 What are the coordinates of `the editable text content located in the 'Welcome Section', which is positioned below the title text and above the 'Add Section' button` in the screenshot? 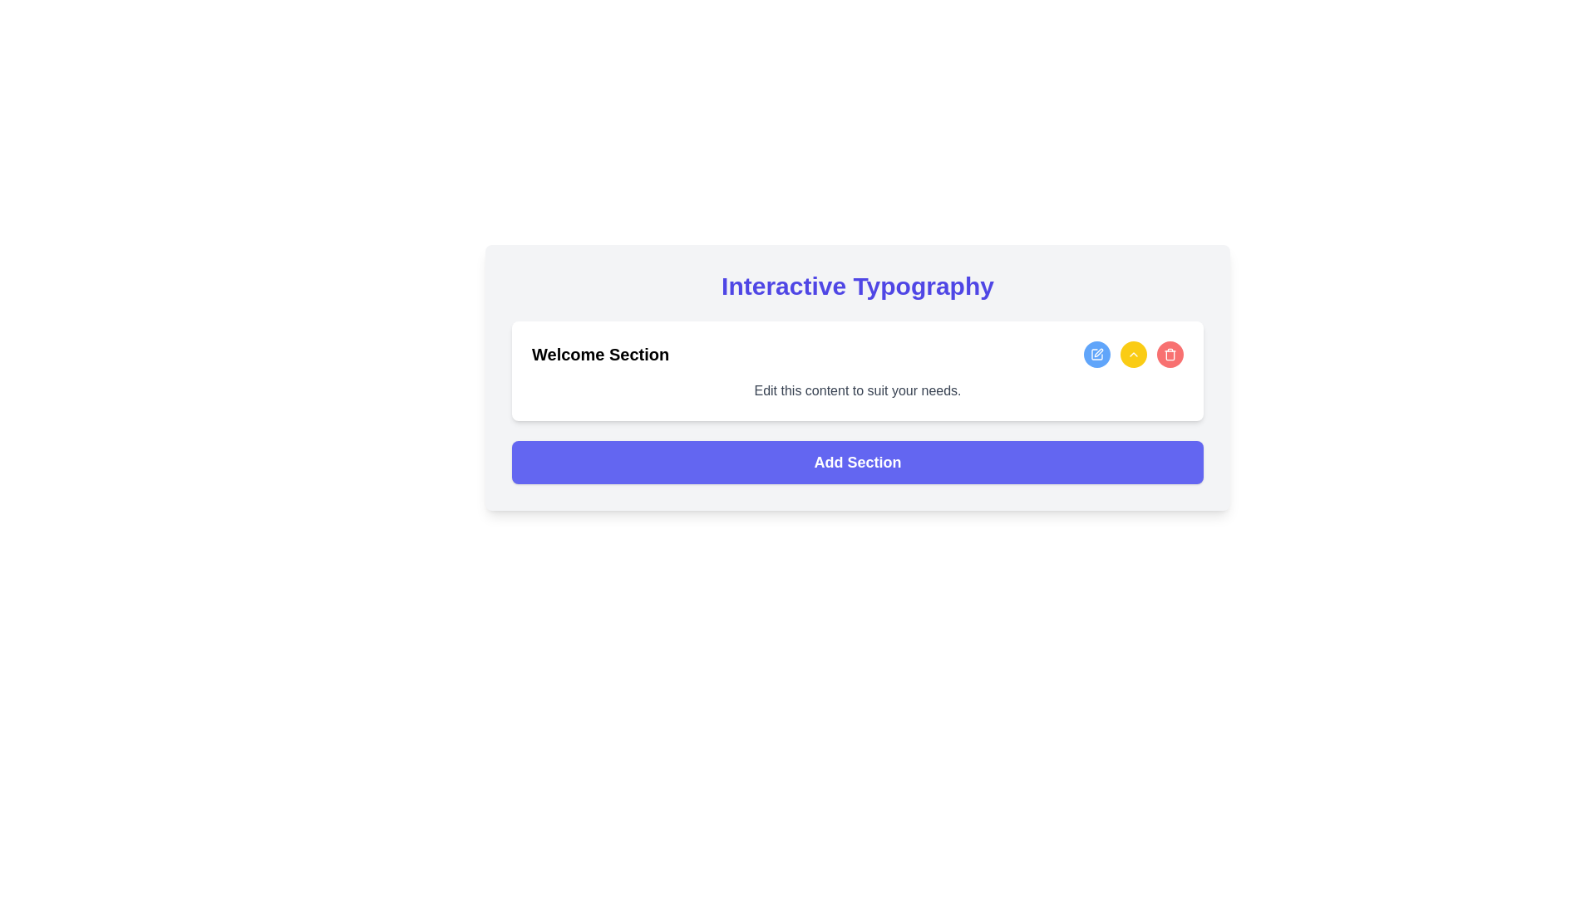 It's located at (858, 390).